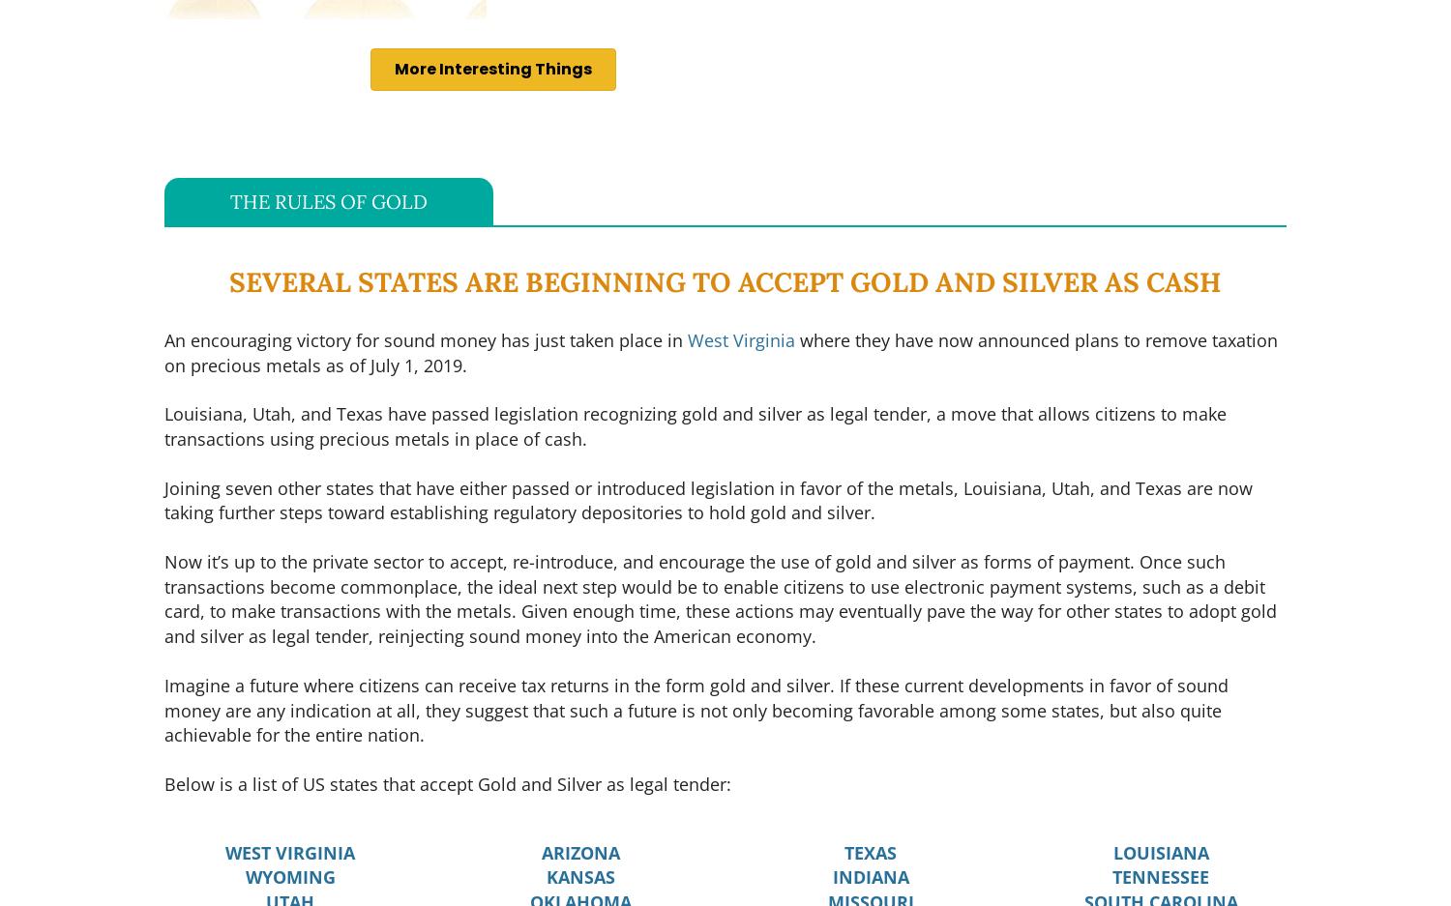  I want to click on 'Imagine a future where citizens can receive tax returns in the form gold and', so click(163, 684).